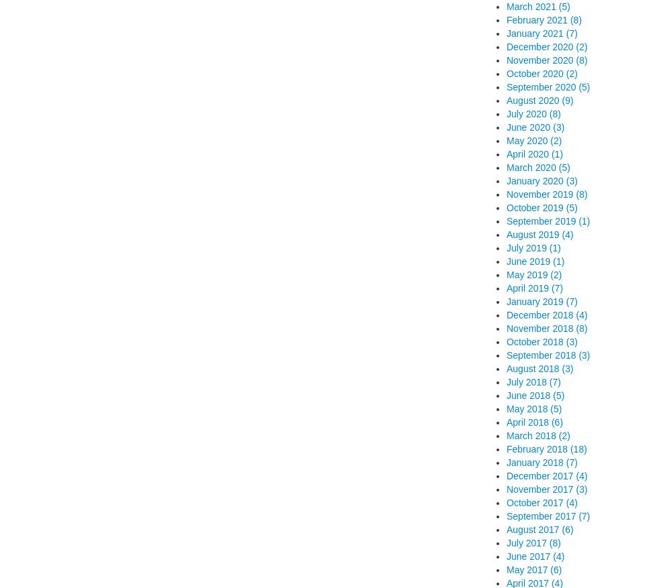 This screenshot has width=671, height=588. What do you see at coordinates (544, 19) in the screenshot?
I see `'February 2021 (8)'` at bounding box center [544, 19].